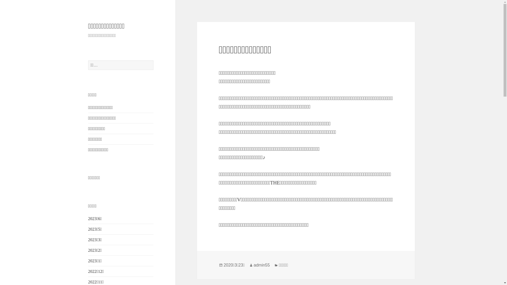 This screenshot has width=507, height=285. Describe the element at coordinates (262, 265) in the screenshot. I see `'admin55'` at that location.